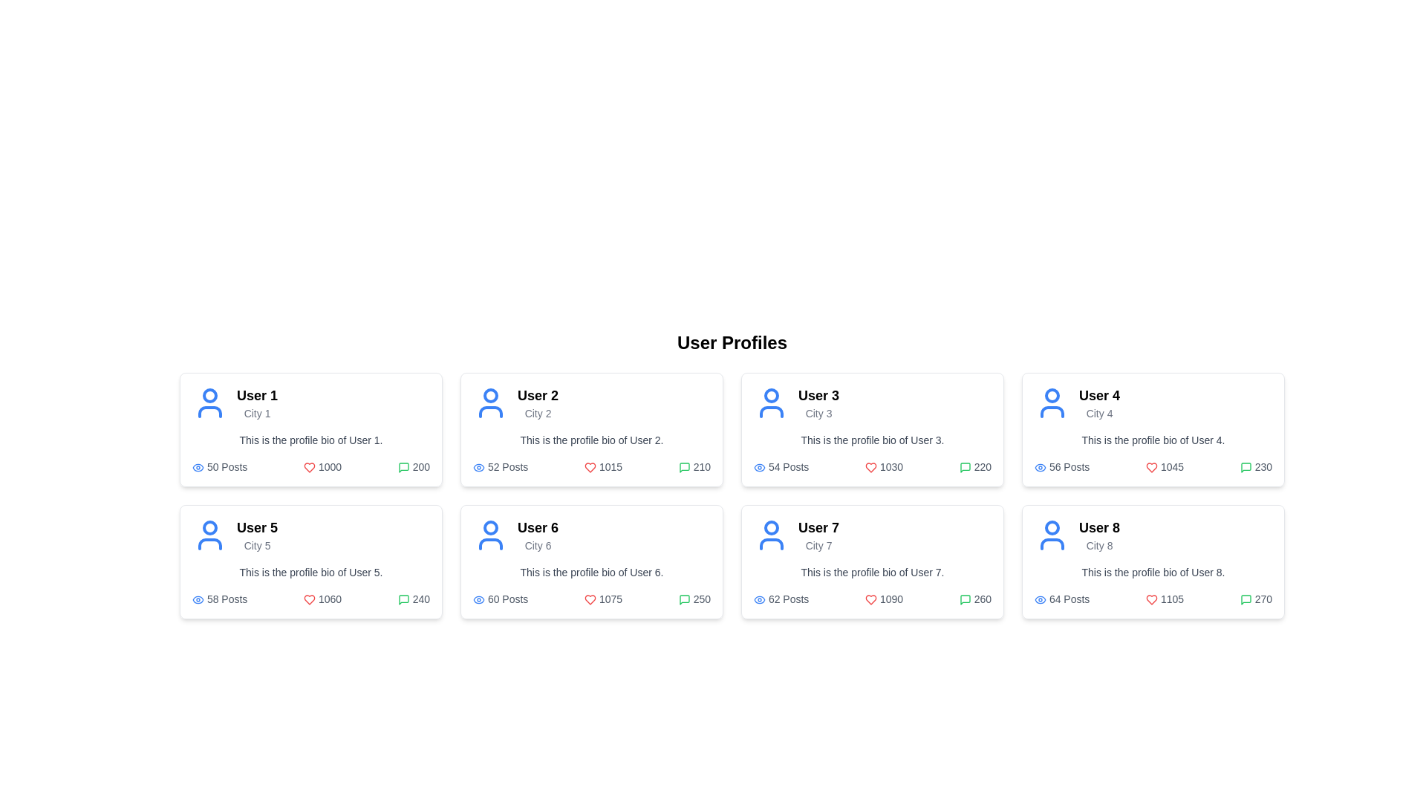 The height and width of the screenshot is (802, 1426). I want to click on the user avatar icon representing 'User 5', located at the top-left corner of the second row card in the grid layout, so click(209, 535).